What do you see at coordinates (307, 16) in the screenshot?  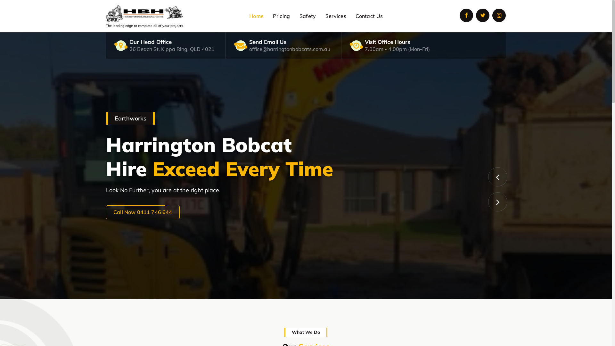 I see `'Safety'` at bounding box center [307, 16].